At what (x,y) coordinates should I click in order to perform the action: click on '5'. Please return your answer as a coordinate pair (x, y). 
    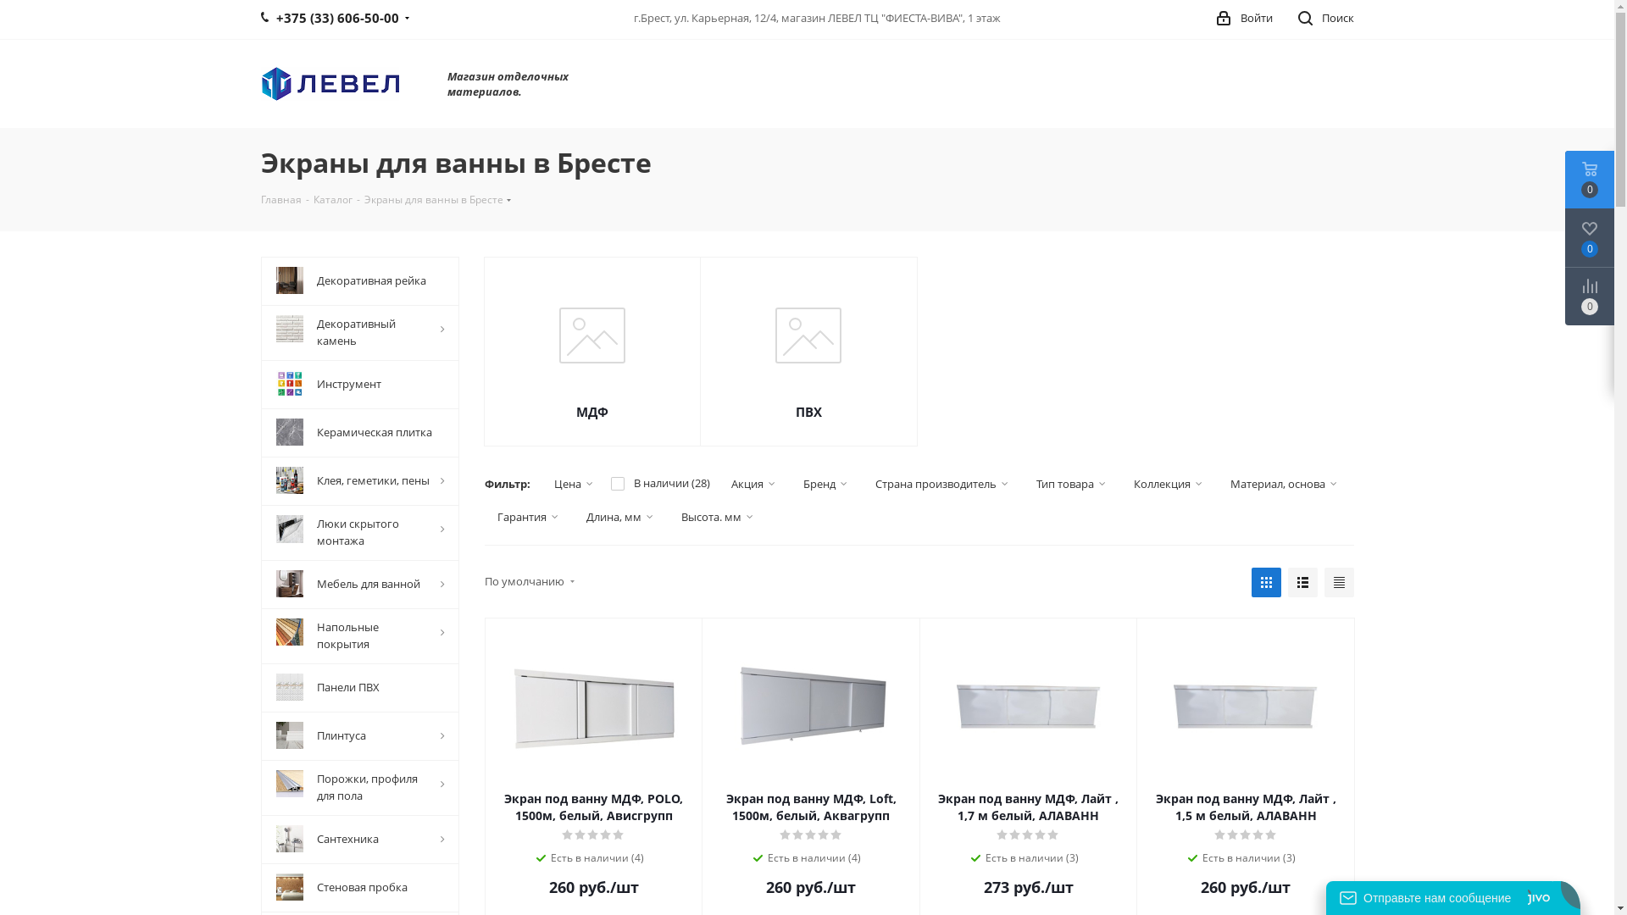
    Looking at the image, I should click on (830, 835).